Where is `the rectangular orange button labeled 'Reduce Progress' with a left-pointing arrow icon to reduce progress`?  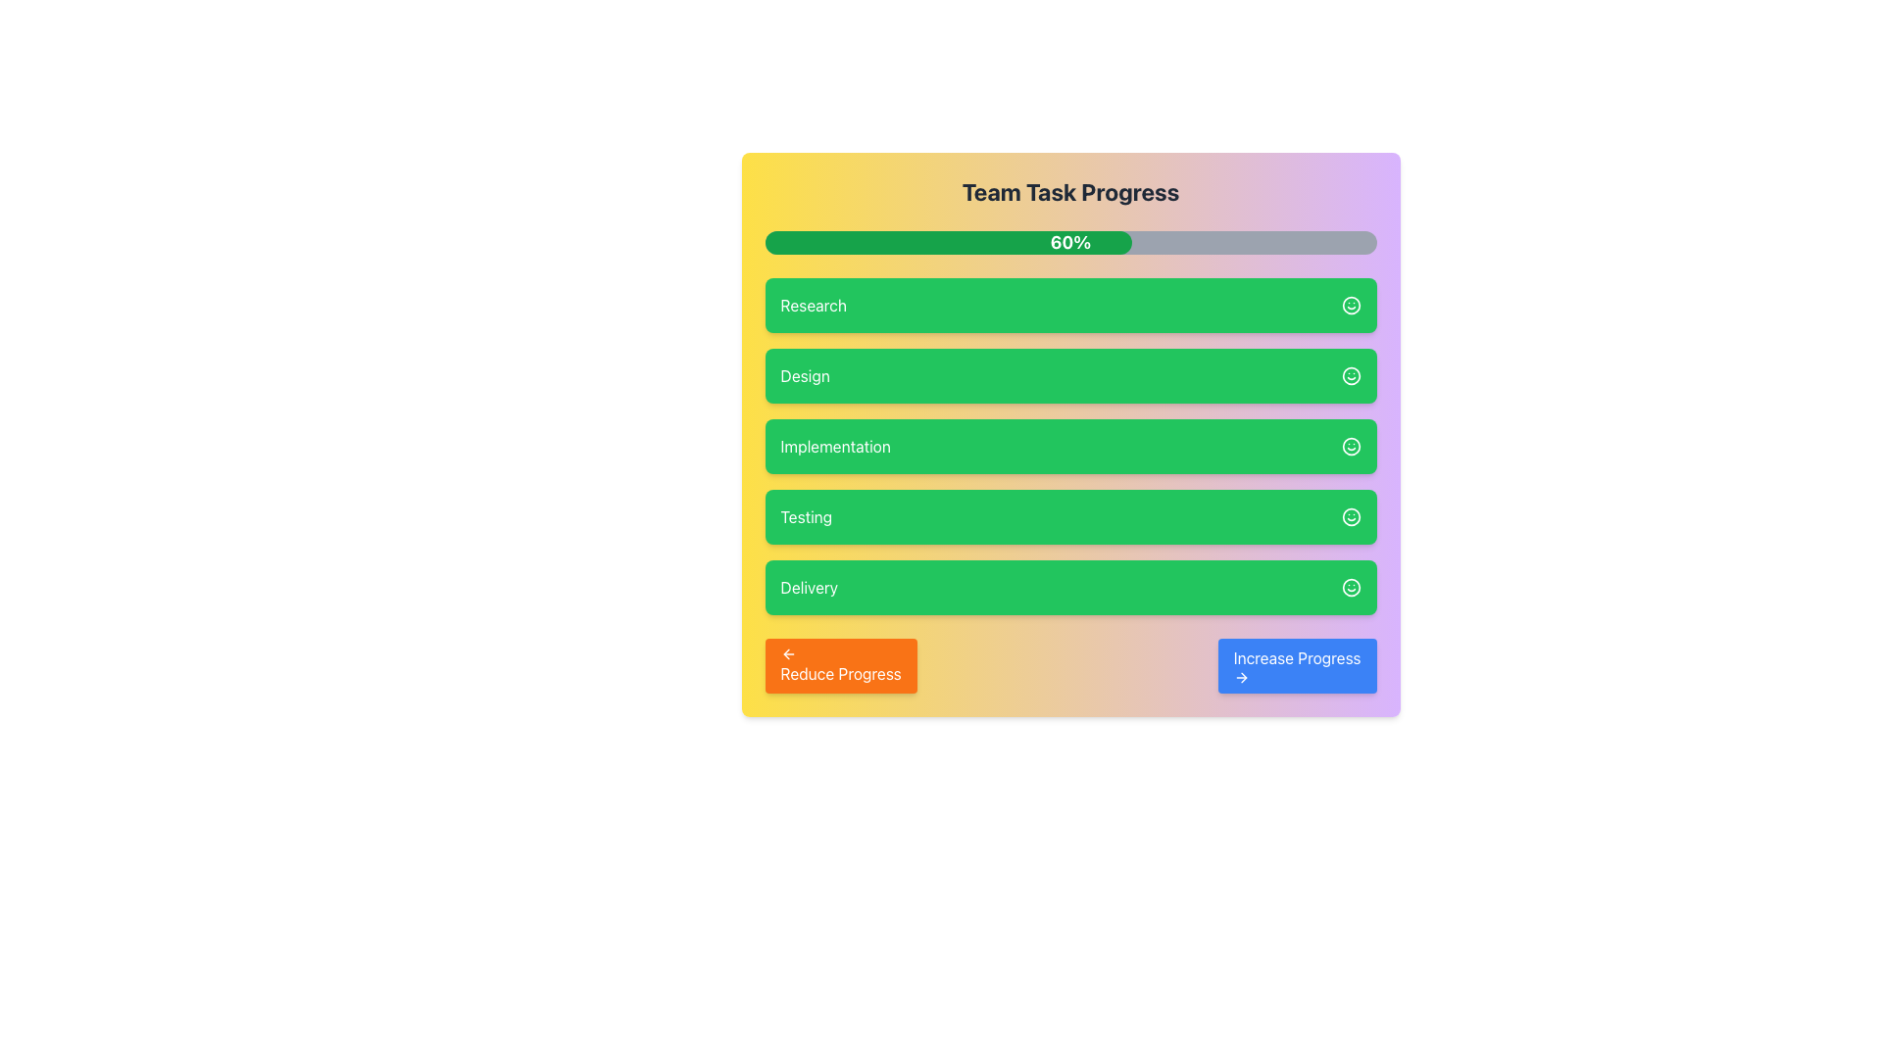
the rectangular orange button labeled 'Reduce Progress' with a left-pointing arrow icon to reduce progress is located at coordinates (841, 664).